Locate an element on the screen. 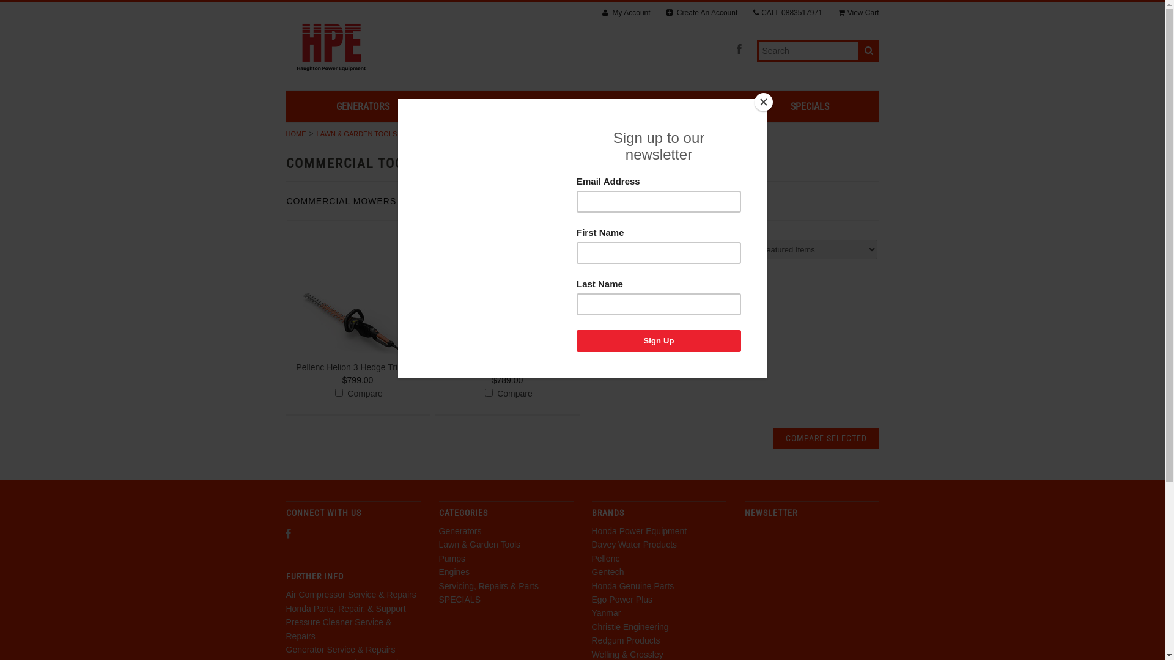  'Facebook' is located at coordinates (738, 49).